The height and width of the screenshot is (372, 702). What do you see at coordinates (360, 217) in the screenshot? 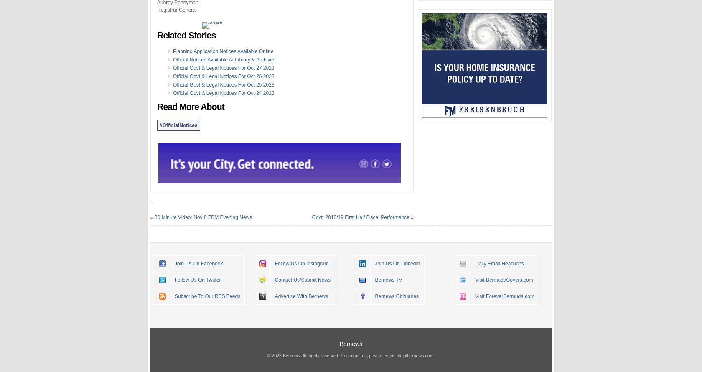
I see `'Govt: 2018/19 First Half Fiscal Performance'` at bounding box center [360, 217].